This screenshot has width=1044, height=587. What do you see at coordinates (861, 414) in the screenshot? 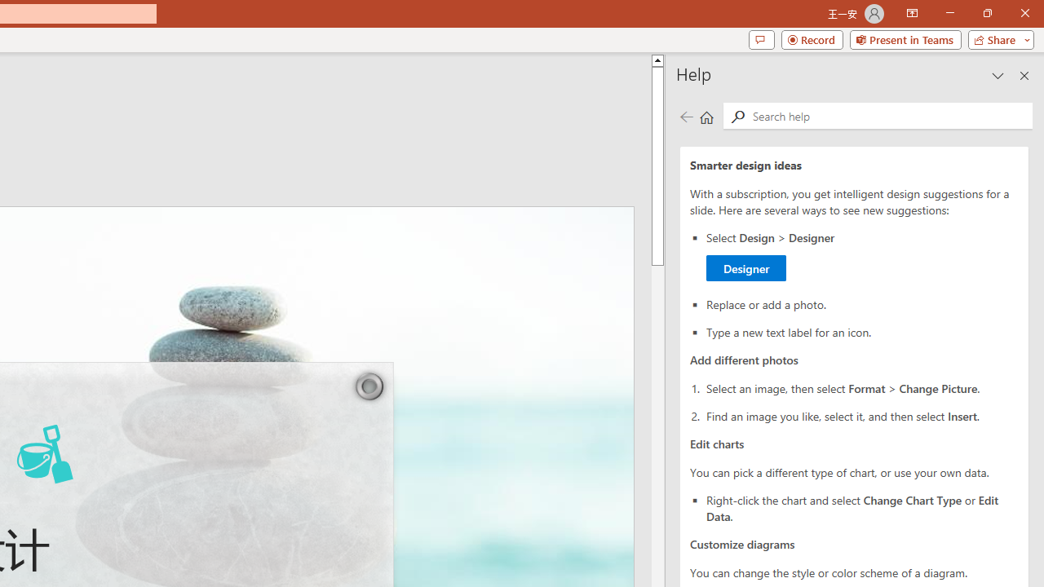
I see `'Find an image you like, select it, and then select Insert.'` at bounding box center [861, 414].